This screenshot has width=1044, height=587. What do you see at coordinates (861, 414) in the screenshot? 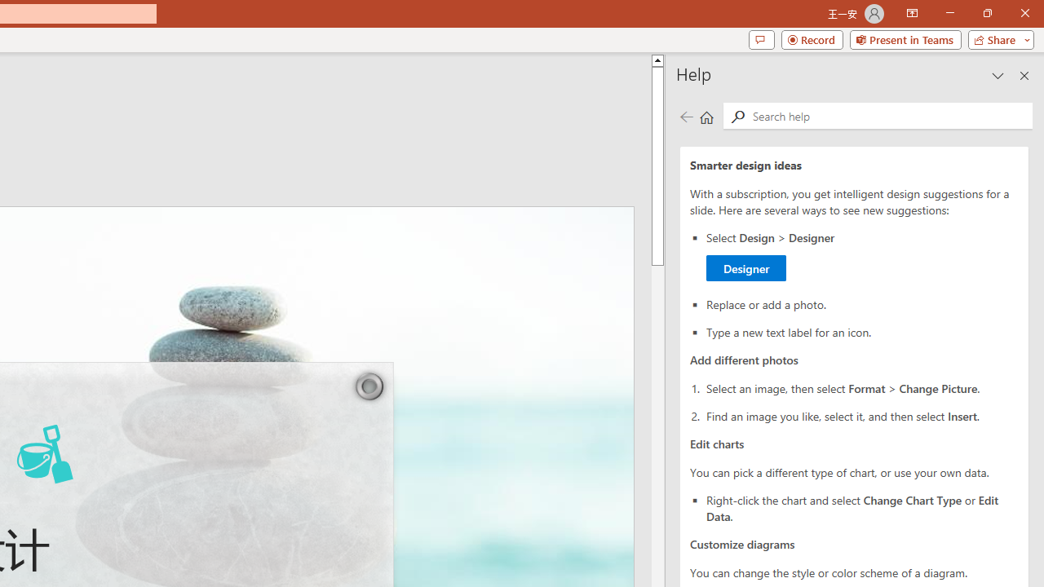
I see `'Find an image you like, select it, and then select Insert.'` at bounding box center [861, 414].